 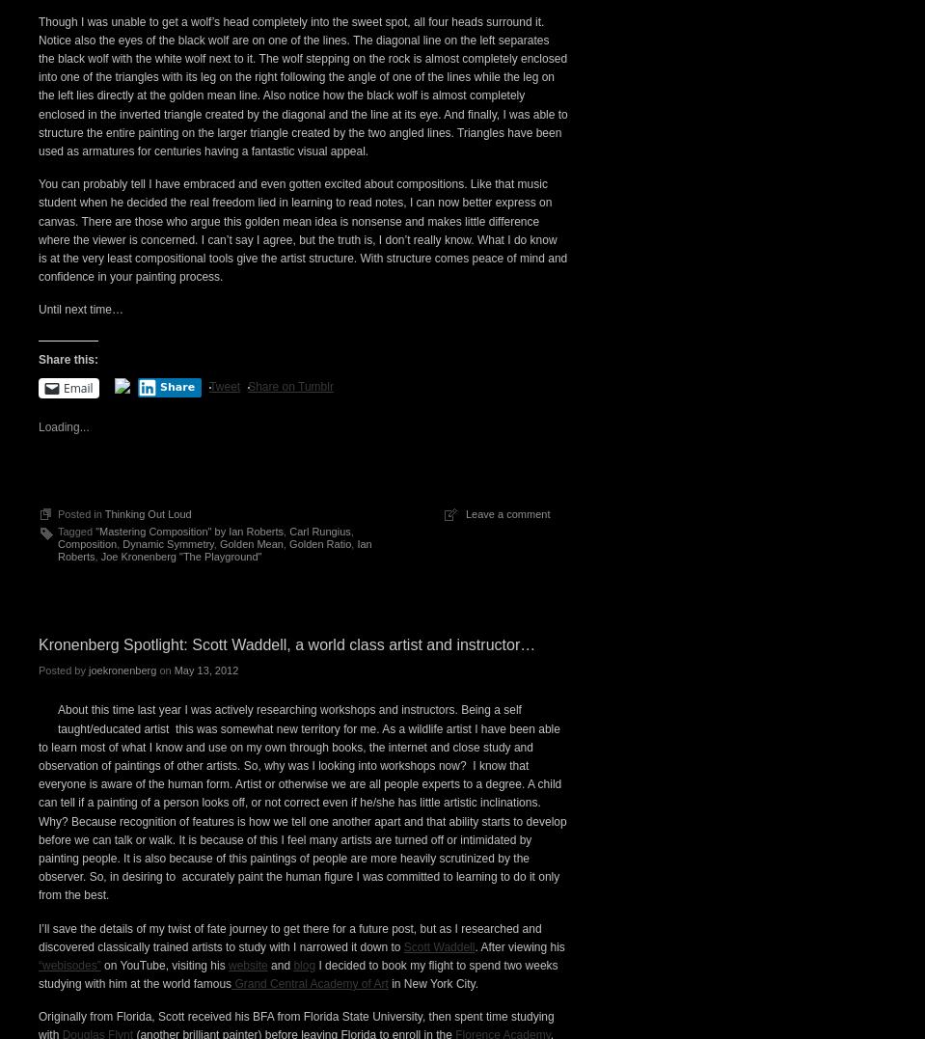 I want to click on 'Share on Tumblr', so click(x=289, y=720).